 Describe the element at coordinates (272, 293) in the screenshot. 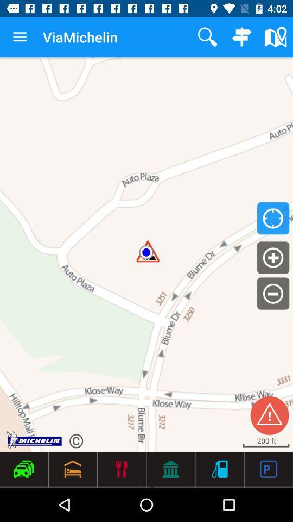

I see `the zoom out button on the web page` at that location.